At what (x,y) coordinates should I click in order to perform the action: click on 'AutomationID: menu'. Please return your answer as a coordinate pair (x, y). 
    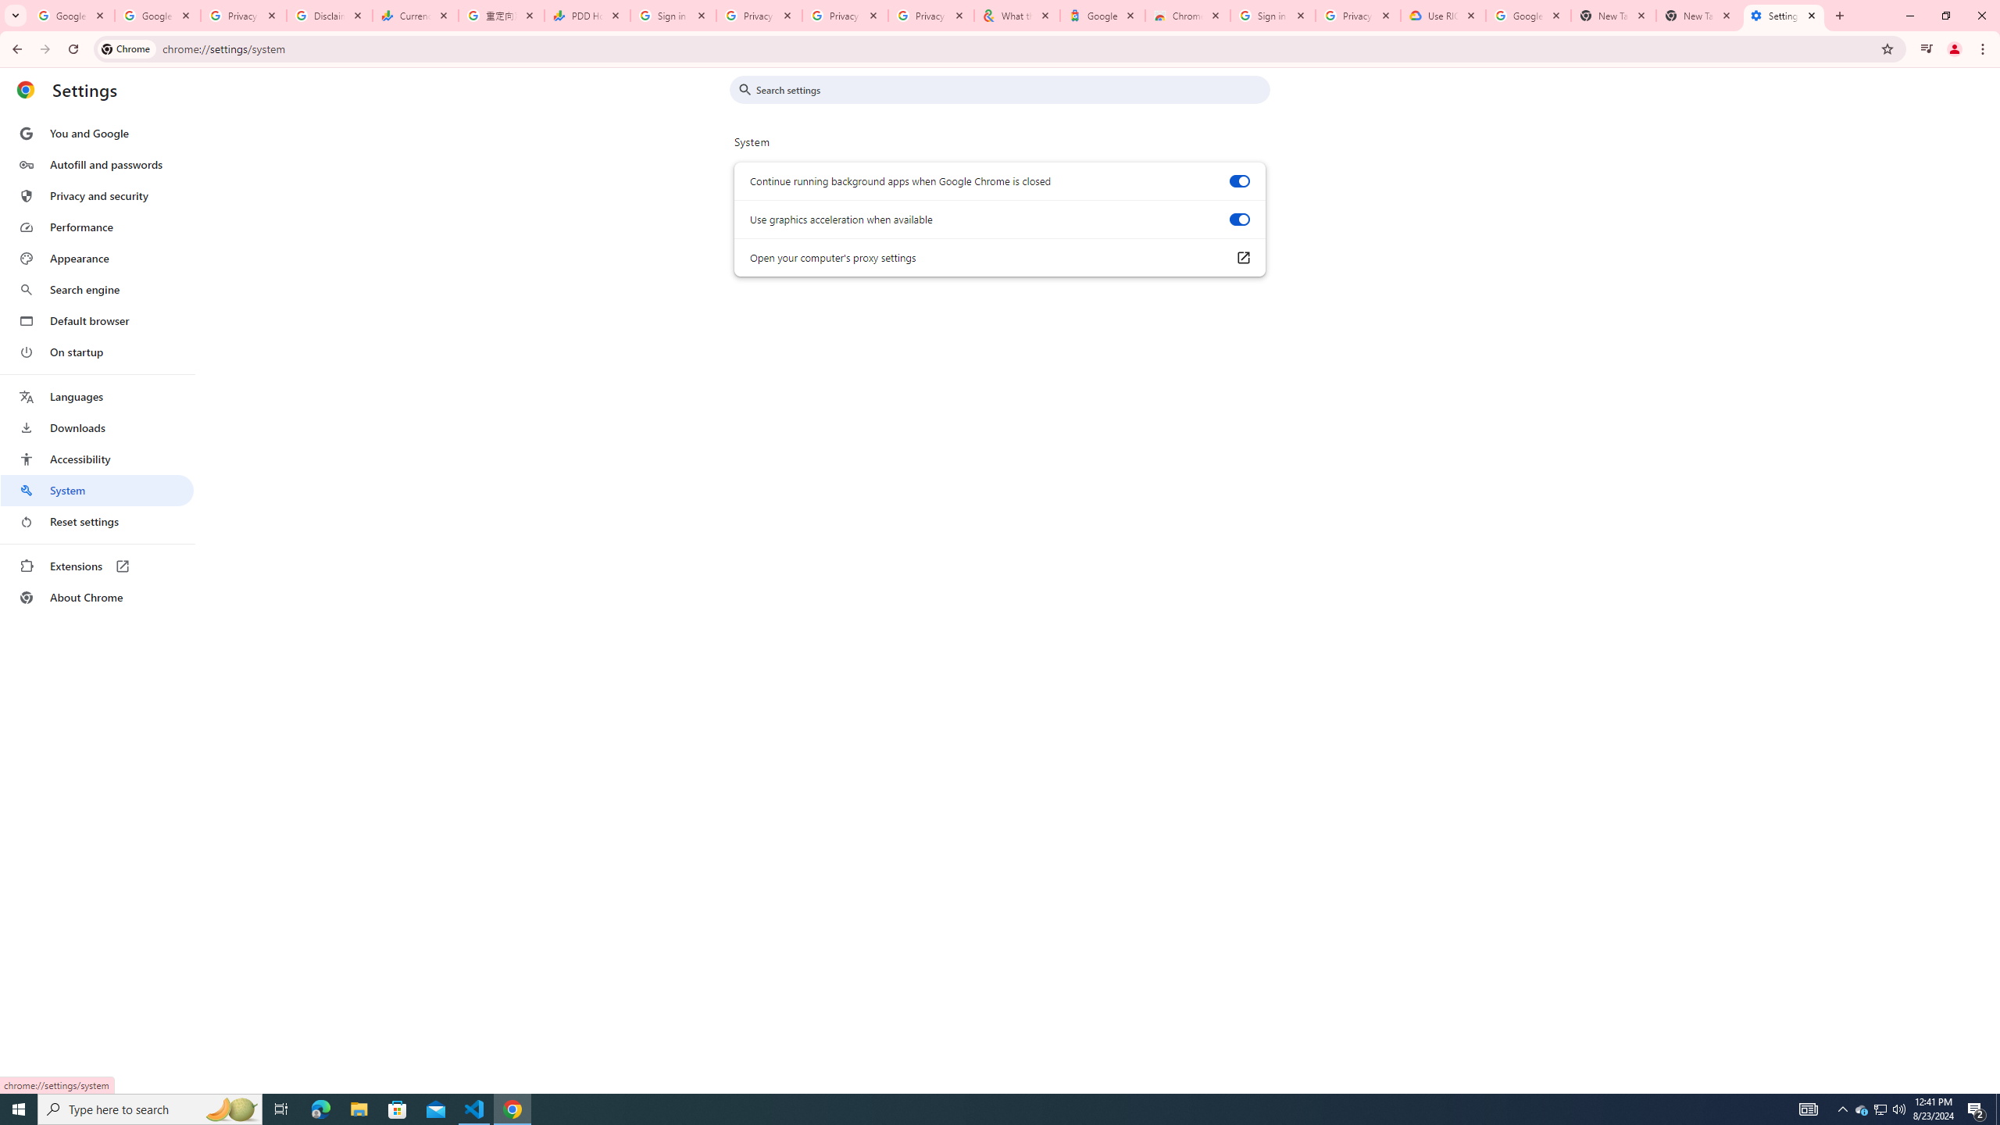
    Looking at the image, I should click on (98, 365).